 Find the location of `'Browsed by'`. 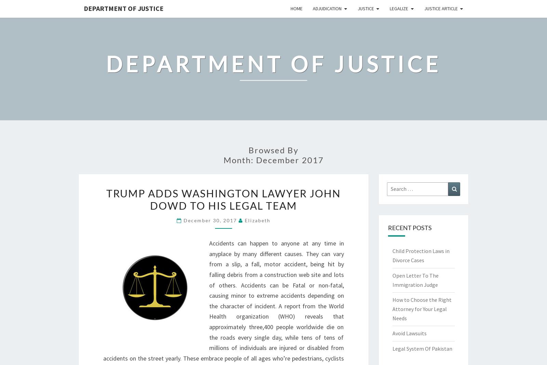

'Browsed by' is located at coordinates (273, 149).